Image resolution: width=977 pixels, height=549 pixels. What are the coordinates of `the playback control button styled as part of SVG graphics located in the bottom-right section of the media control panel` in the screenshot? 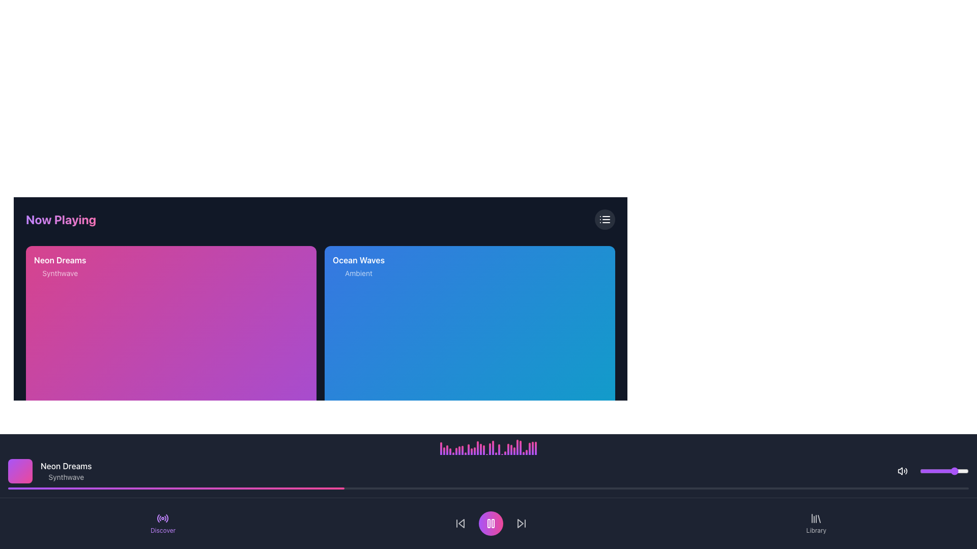 It's located at (596, 517).